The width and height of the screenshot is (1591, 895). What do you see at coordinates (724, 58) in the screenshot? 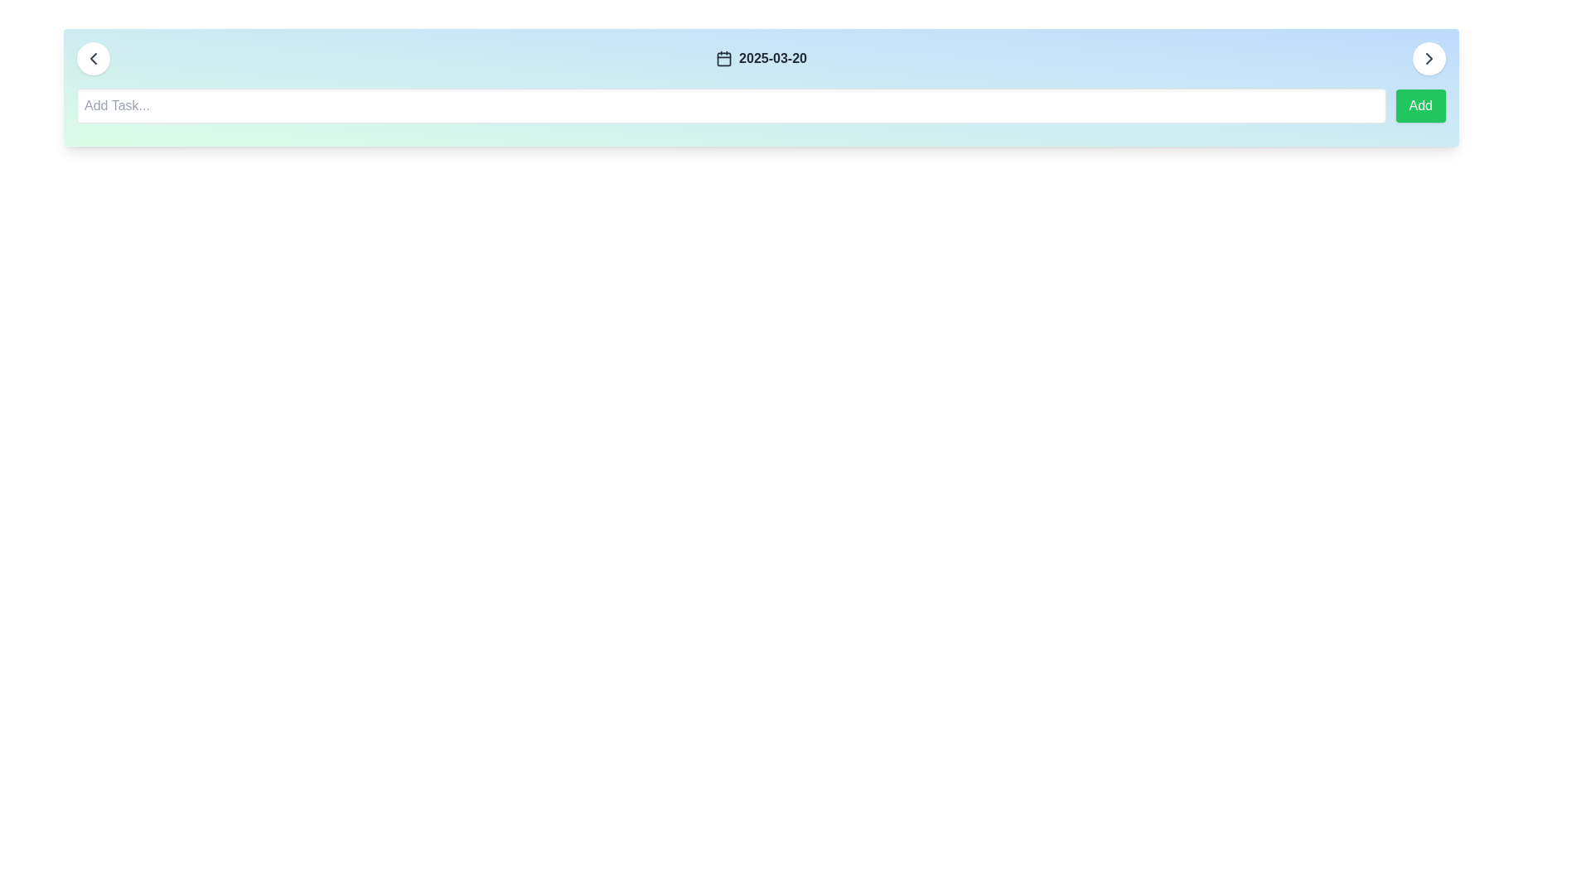
I see `the decorative rounded rectangle element located within the calendar icon near the text '2025-03-20'` at bounding box center [724, 58].